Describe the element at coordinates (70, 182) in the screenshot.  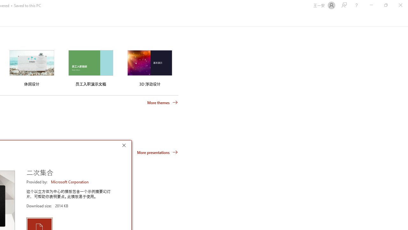
I see `'Microsoft Corporation'` at that location.